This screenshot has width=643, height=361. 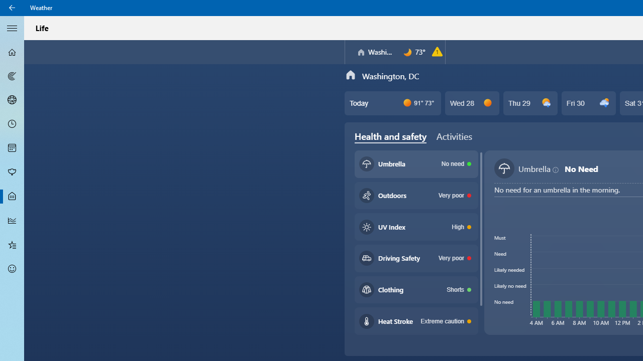 What do you see at coordinates (12, 220) in the screenshot?
I see `'Historical Weather - Not Selected'` at bounding box center [12, 220].